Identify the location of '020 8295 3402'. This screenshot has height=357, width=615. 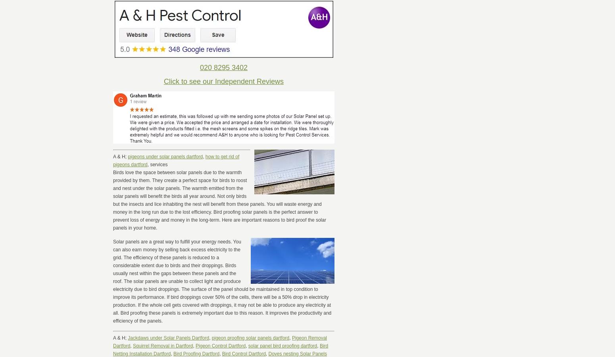
(223, 67).